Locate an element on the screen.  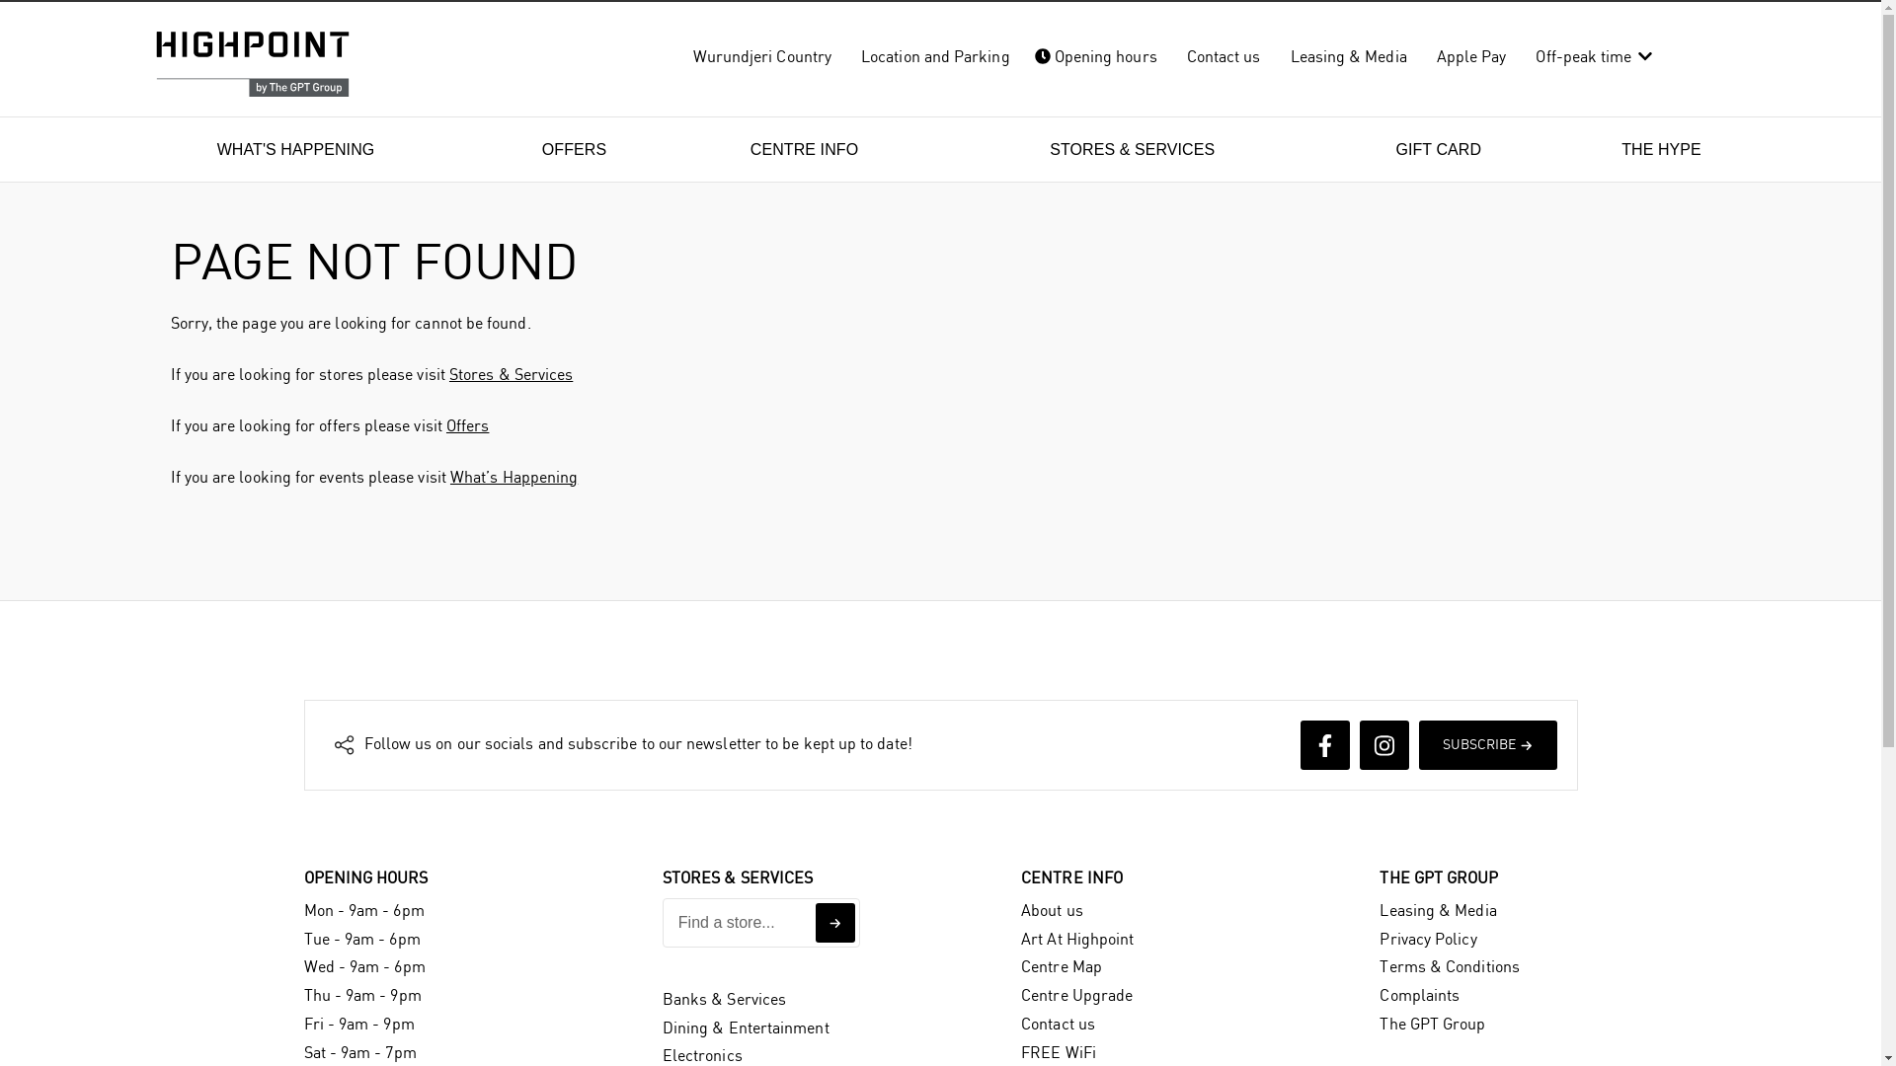
'SUBSCRIBE' is located at coordinates (1416, 745).